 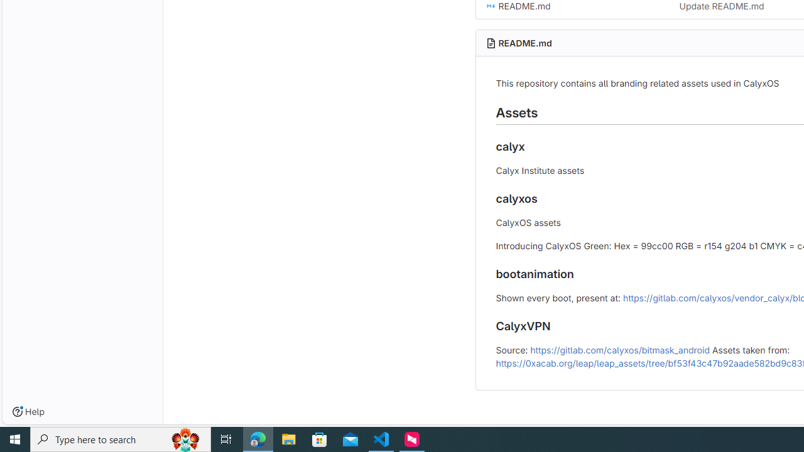 I want to click on 'Help', so click(x=28, y=411).